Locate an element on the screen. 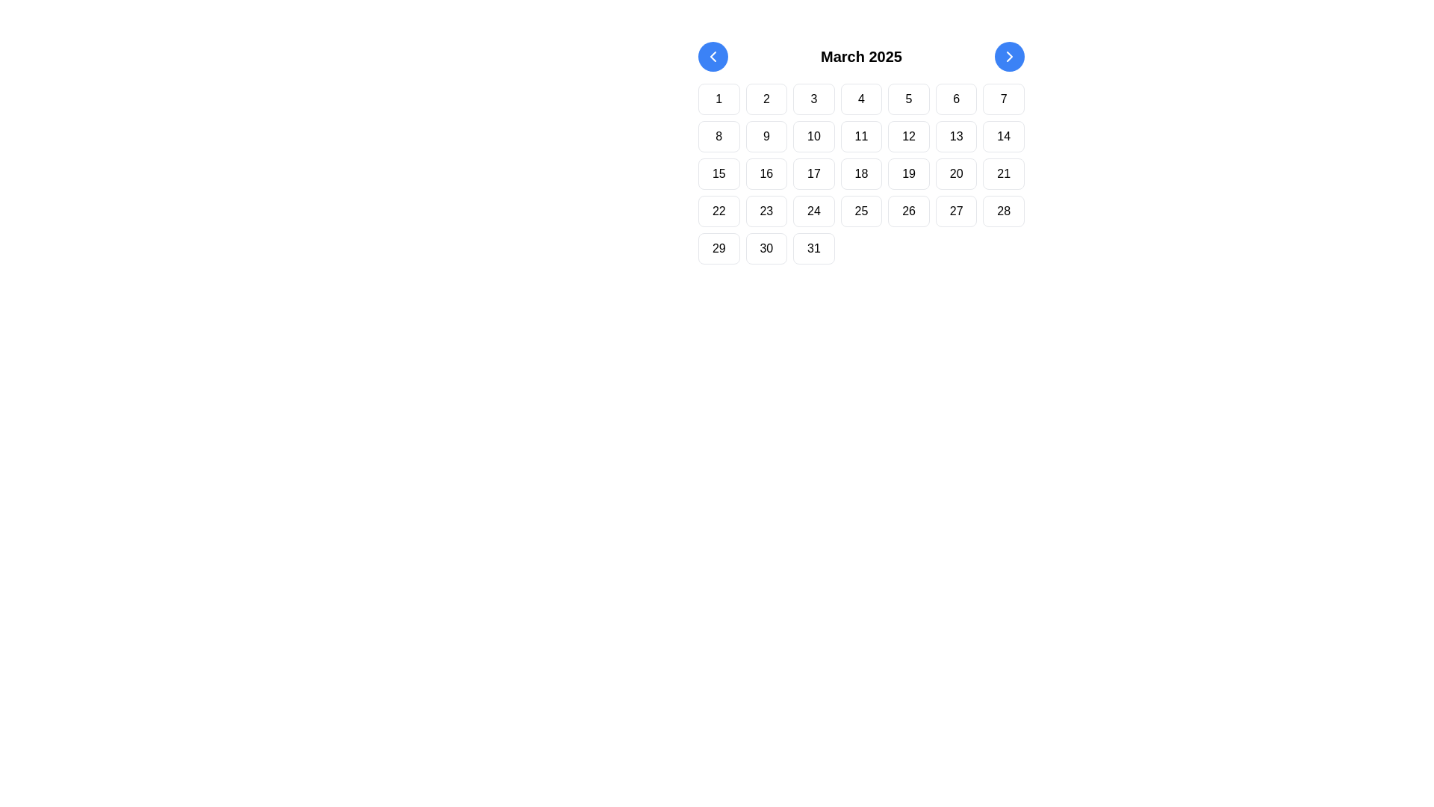  the Calendar date button displaying the number '7' is located at coordinates (1004, 99).